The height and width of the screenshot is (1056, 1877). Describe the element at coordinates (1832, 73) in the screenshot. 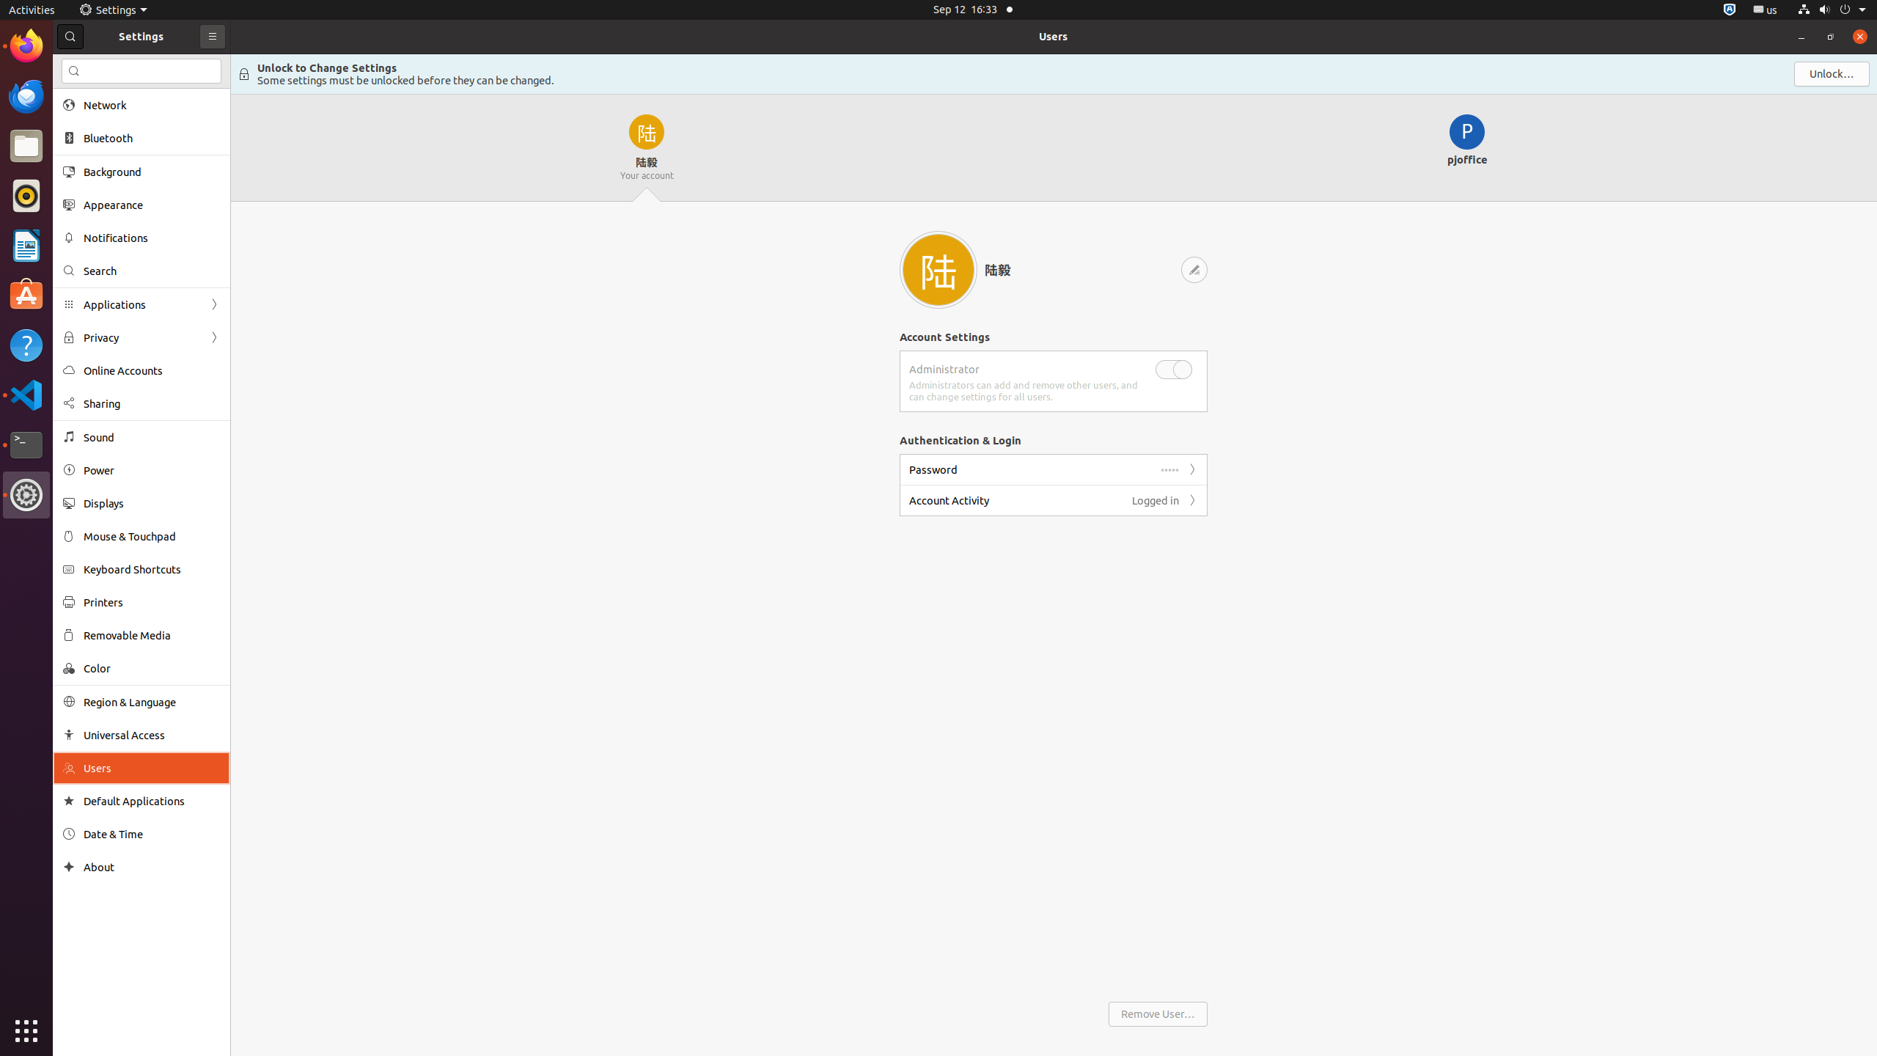

I see `'Unlock'` at that location.